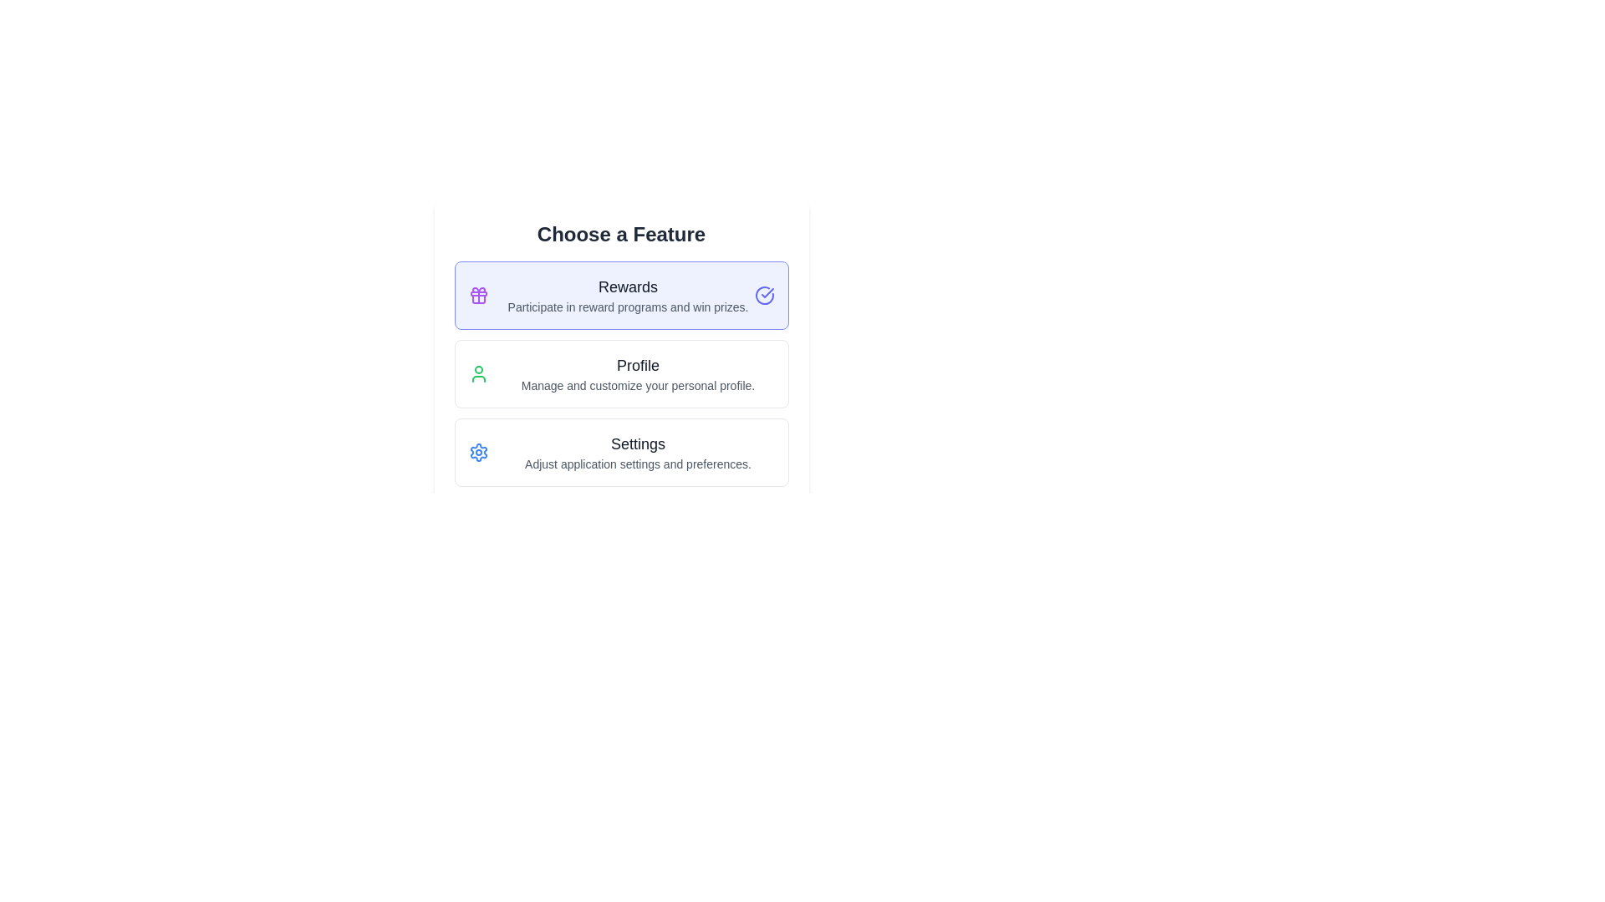 The width and height of the screenshot is (1605, 902). I want to click on the informational text stating 'Manage and customize your personal profile.', which is located beneath the 'Profile' section title and aligned centrally within its bounding box, so click(637, 386).